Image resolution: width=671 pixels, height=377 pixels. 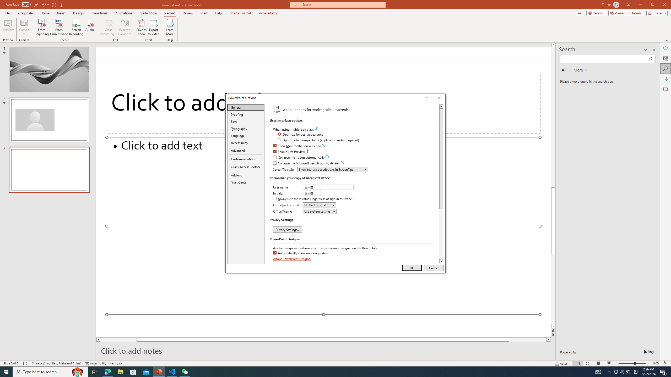 I want to click on 'Save as Show', so click(x=142, y=27).